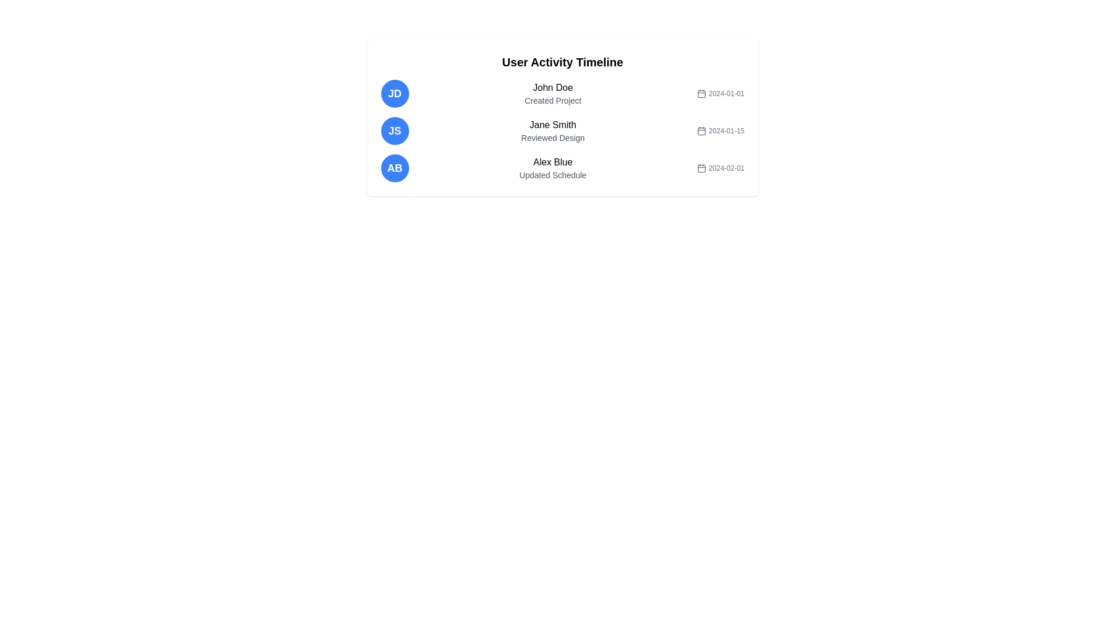 The width and height of the screenshot is (1119, 629). What do you see at coordinates (720, 168) in the screenshot?
I see `the text label displaying the date '2024-02-01' in light gray font, located in the 'Alex Blue' row after 'Updated Schedule' in the activity list` at bounding box center [720, 168].